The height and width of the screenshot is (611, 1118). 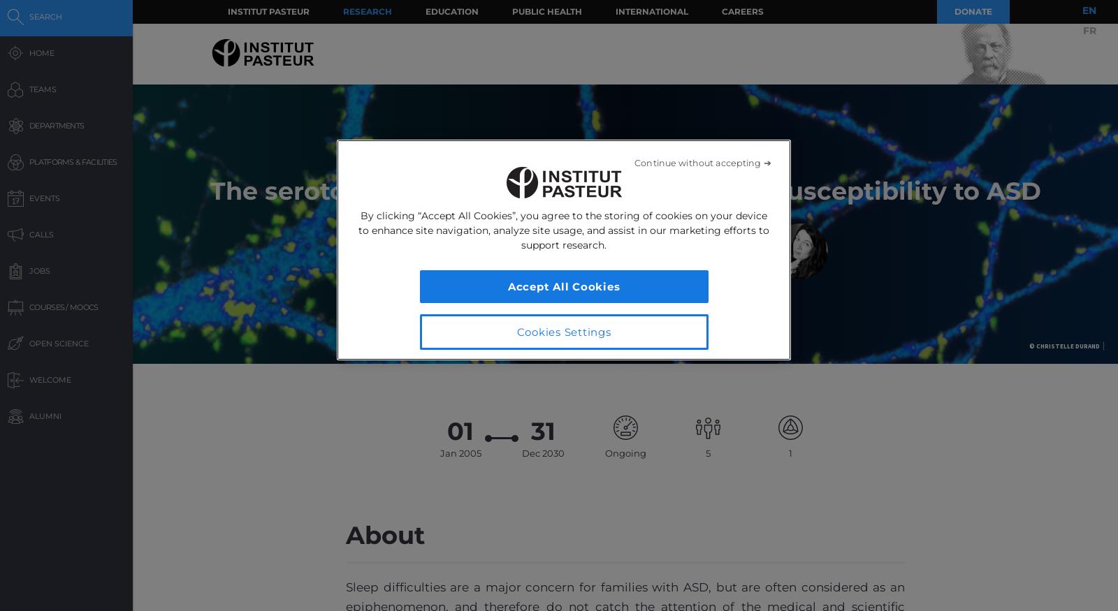 What do you see at coordinates (547, 10) in the screenshot?
I see `'Public Health'` at bounding box center [547, 10].